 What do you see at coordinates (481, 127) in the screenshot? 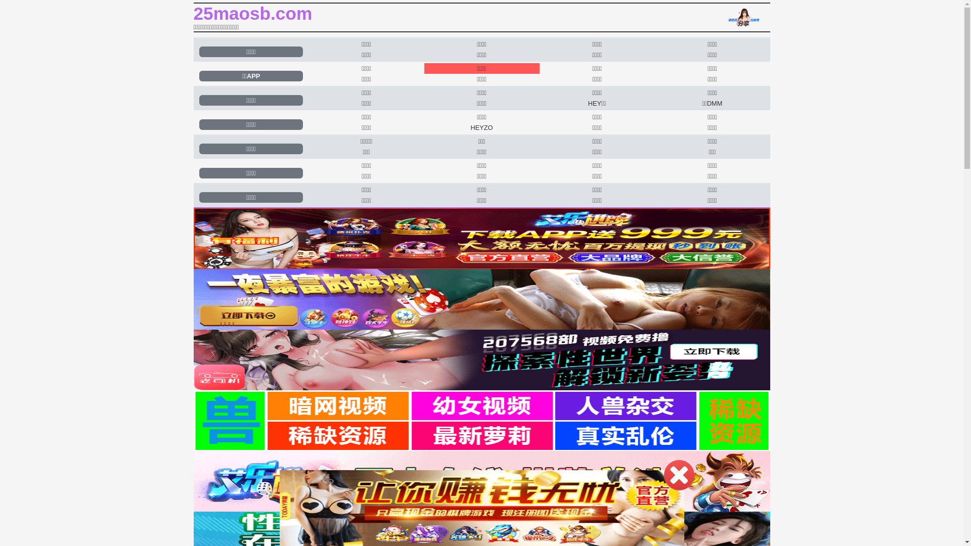
I see `'HEYZO'` at bounding box center [481, 127].